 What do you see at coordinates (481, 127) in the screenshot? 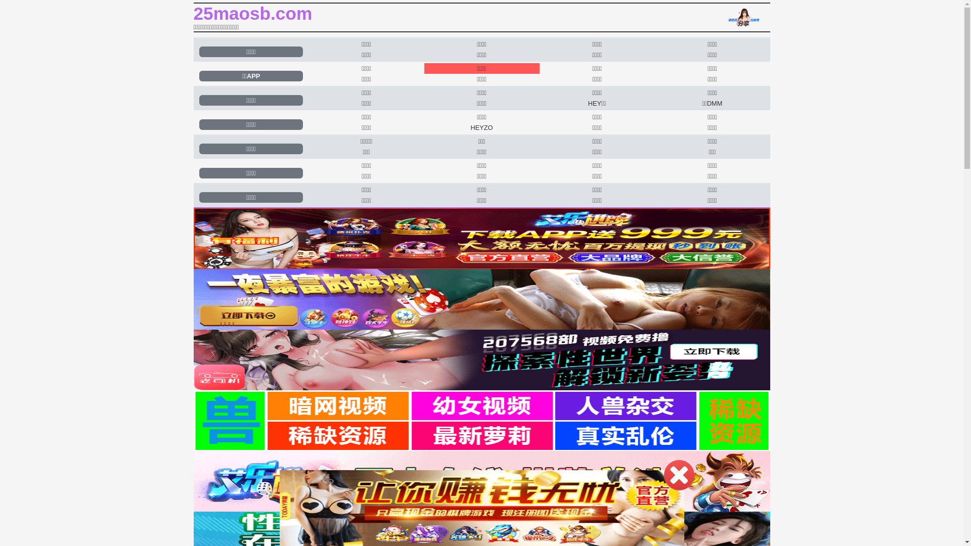
I see `'HEYZO'` at bounding box center [481, 127].